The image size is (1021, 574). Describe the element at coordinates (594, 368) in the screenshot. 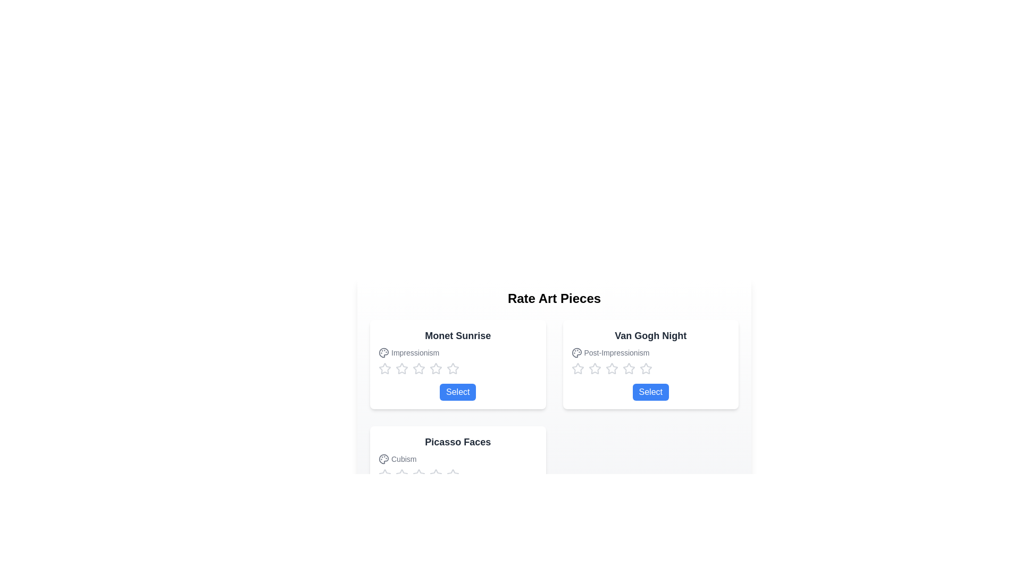

I see `the first rating star icon below the title and genre of the 'Van Gogh Night' artwork to set a rating of one star` at that location.